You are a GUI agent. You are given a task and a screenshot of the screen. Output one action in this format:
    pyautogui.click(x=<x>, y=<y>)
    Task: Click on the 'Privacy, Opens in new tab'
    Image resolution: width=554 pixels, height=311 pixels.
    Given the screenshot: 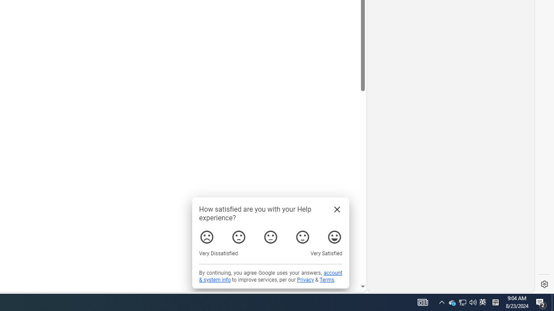 What is the action you would take?
    pyautogui.click(x=305, y=280)
    